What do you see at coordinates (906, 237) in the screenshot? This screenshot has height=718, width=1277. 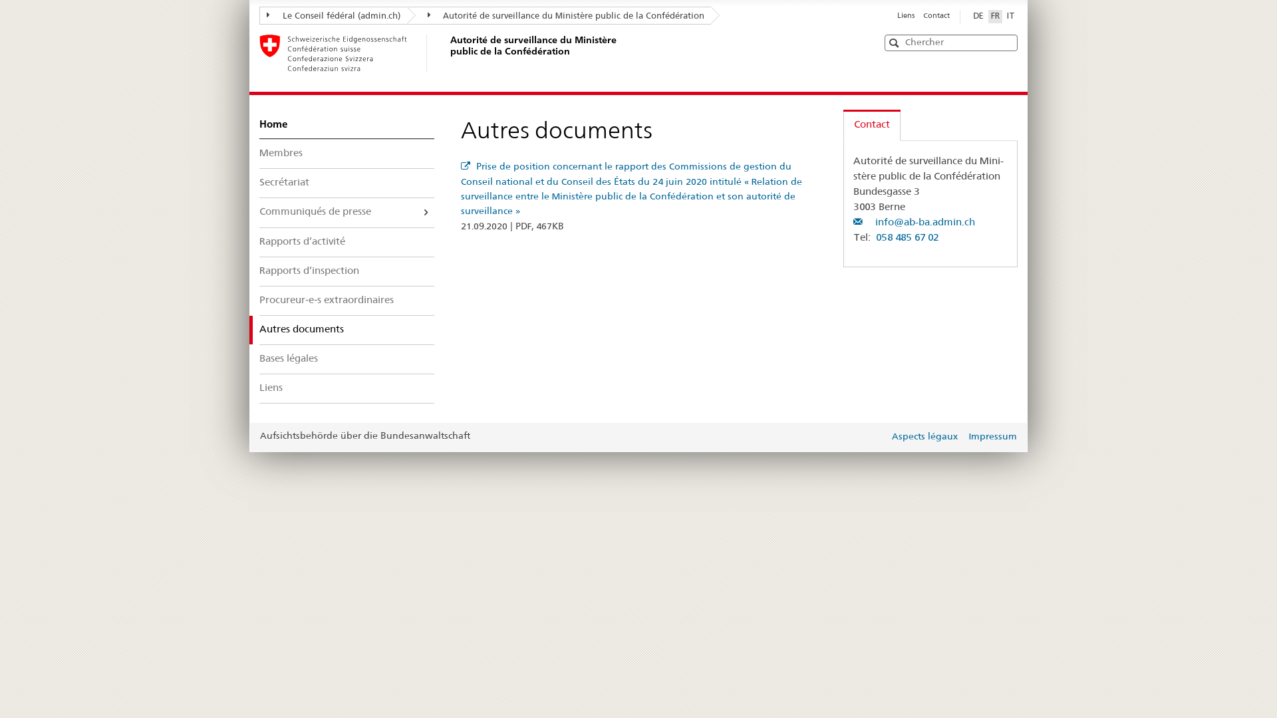 I see `'058 485 67 02'` at bounding box center [906, 237].